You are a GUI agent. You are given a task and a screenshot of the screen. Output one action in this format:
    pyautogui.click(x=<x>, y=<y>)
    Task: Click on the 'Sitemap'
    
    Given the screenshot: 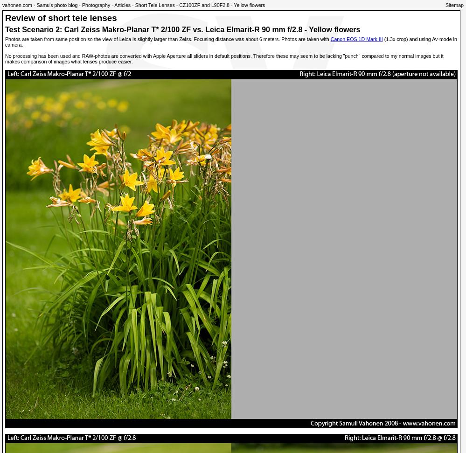 What is the action you would take?
    pyautogui.click(x=454, y=5)
    